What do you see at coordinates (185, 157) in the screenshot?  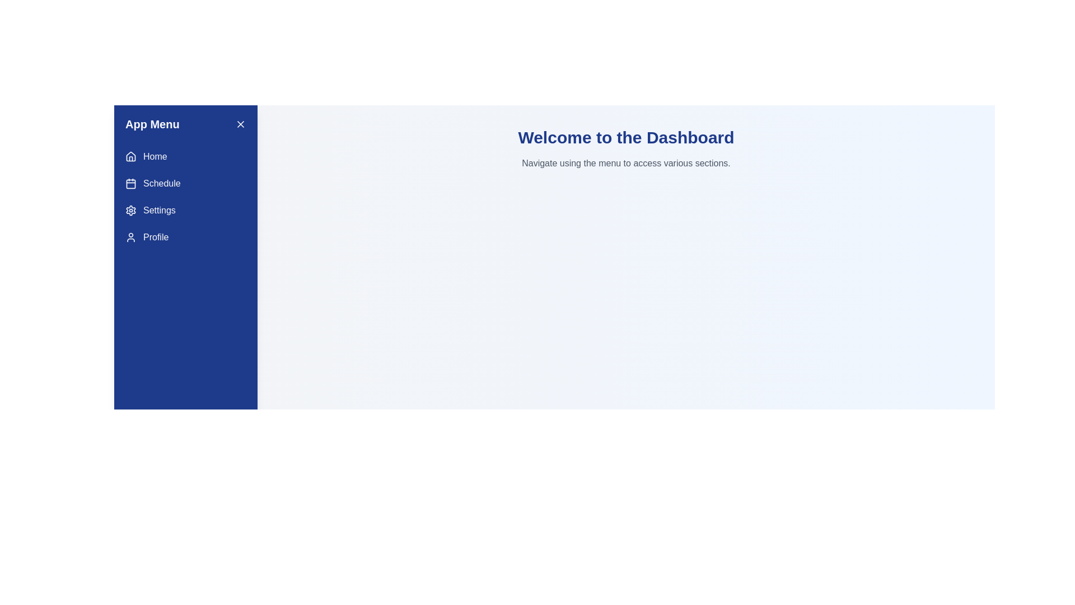 I see `the menu item Home to navigate to the corresponding section` at bounding box center [185, 157].